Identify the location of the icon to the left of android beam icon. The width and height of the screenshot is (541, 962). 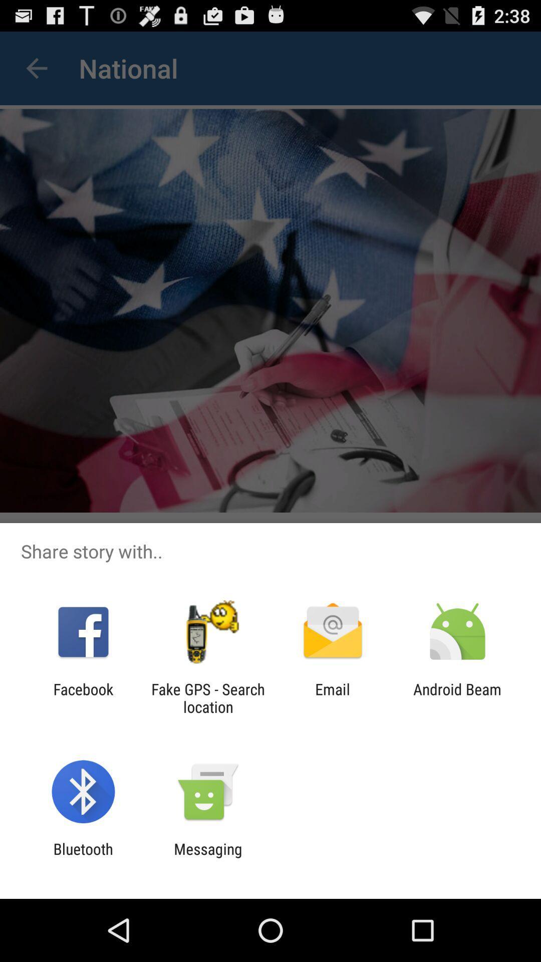
(333, 697).